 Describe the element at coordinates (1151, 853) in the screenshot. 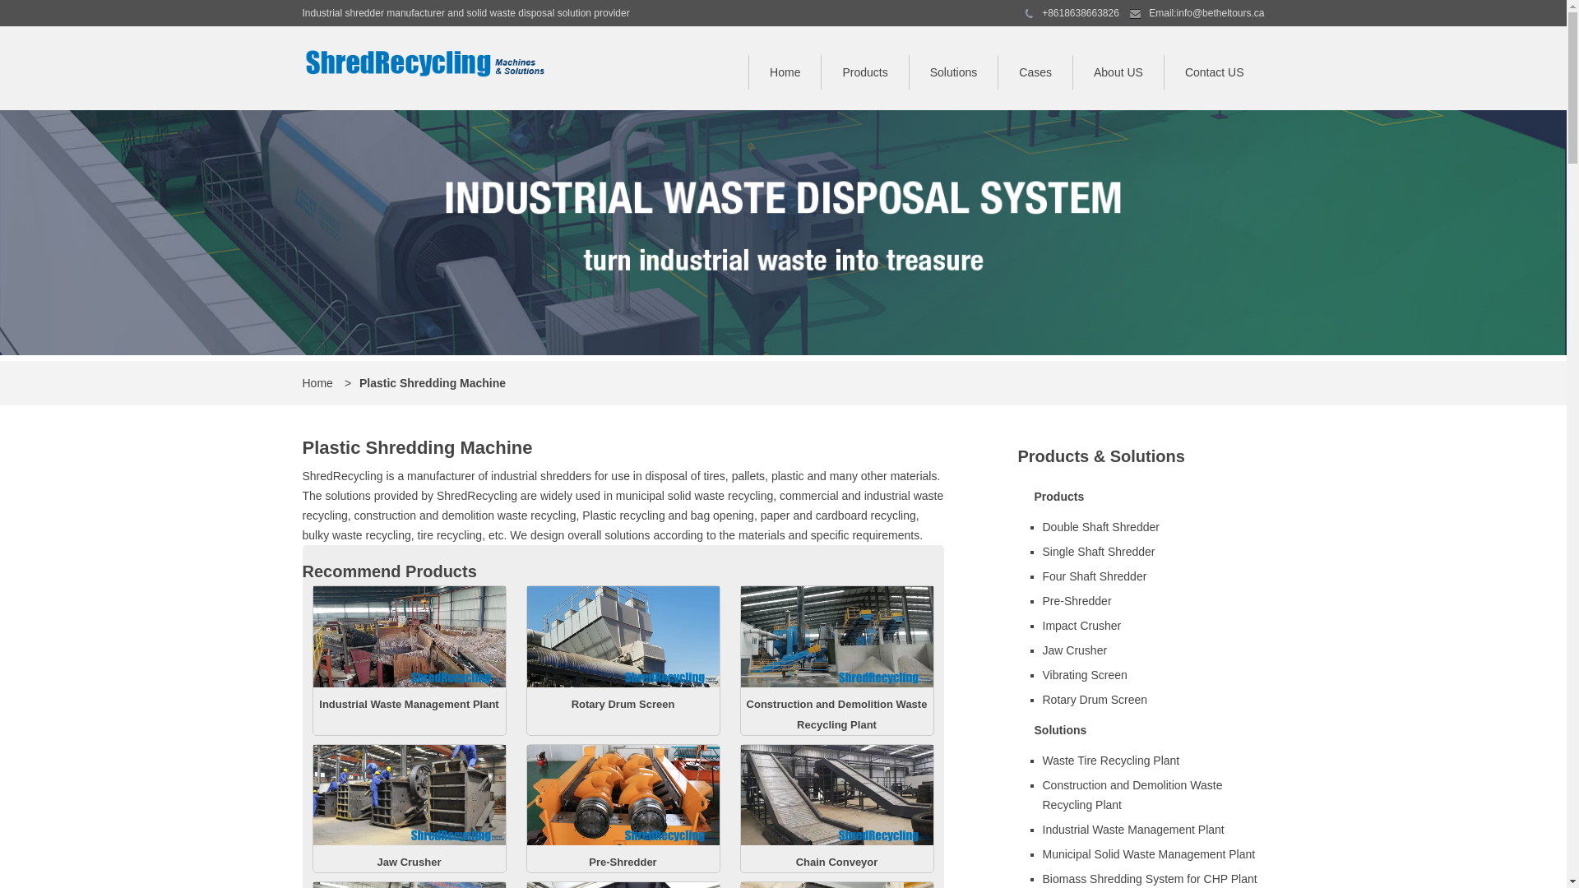

I see `'Municipal Solid Waste Management Plant'` at that location.